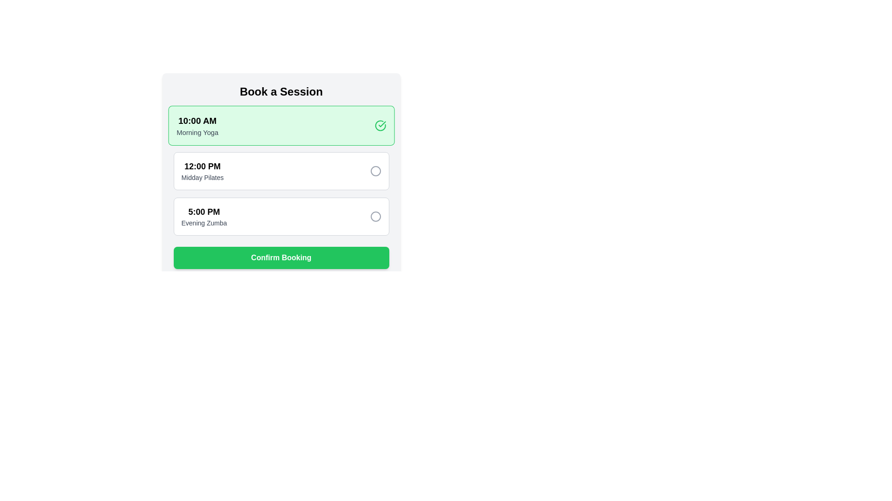 The width and height of the screenshot is (892, 501). I want to click on the center of the circular indicator next to the '5:00 PM Evening Zumba' session, so click(375, 216).